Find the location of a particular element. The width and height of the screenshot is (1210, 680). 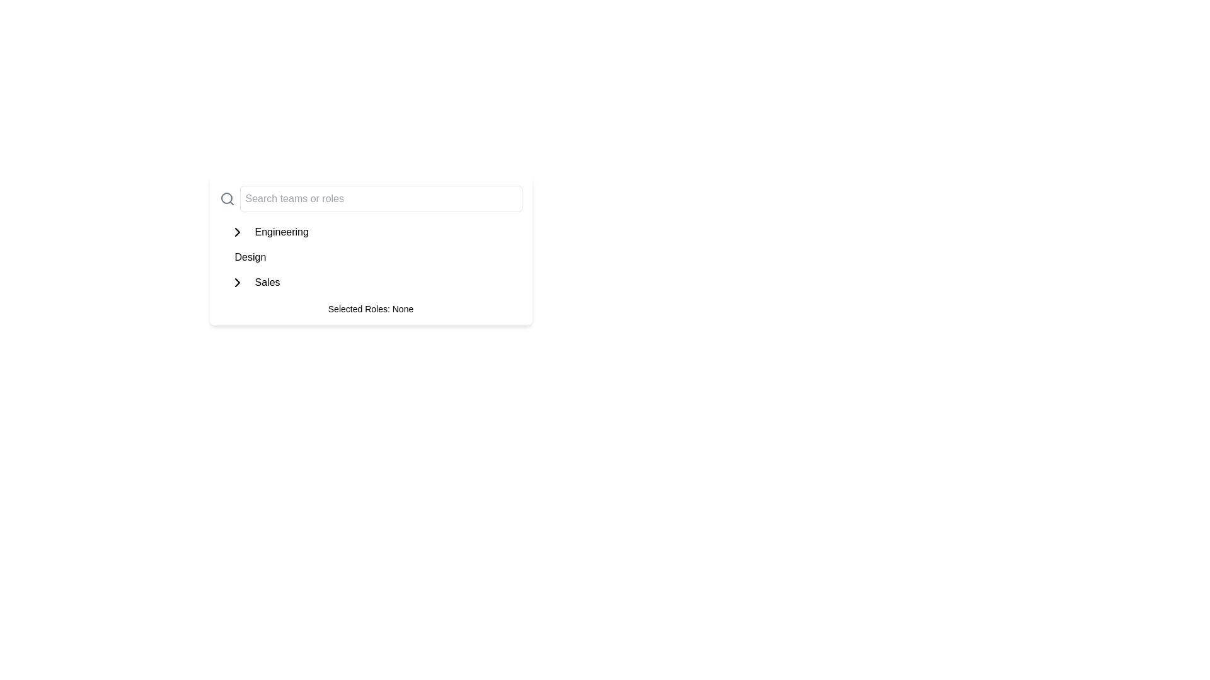

the chevron icon button located to the left of the 'Engineering' text, which is a small right-pointing arrow icon is located at coordinates (237, 232).